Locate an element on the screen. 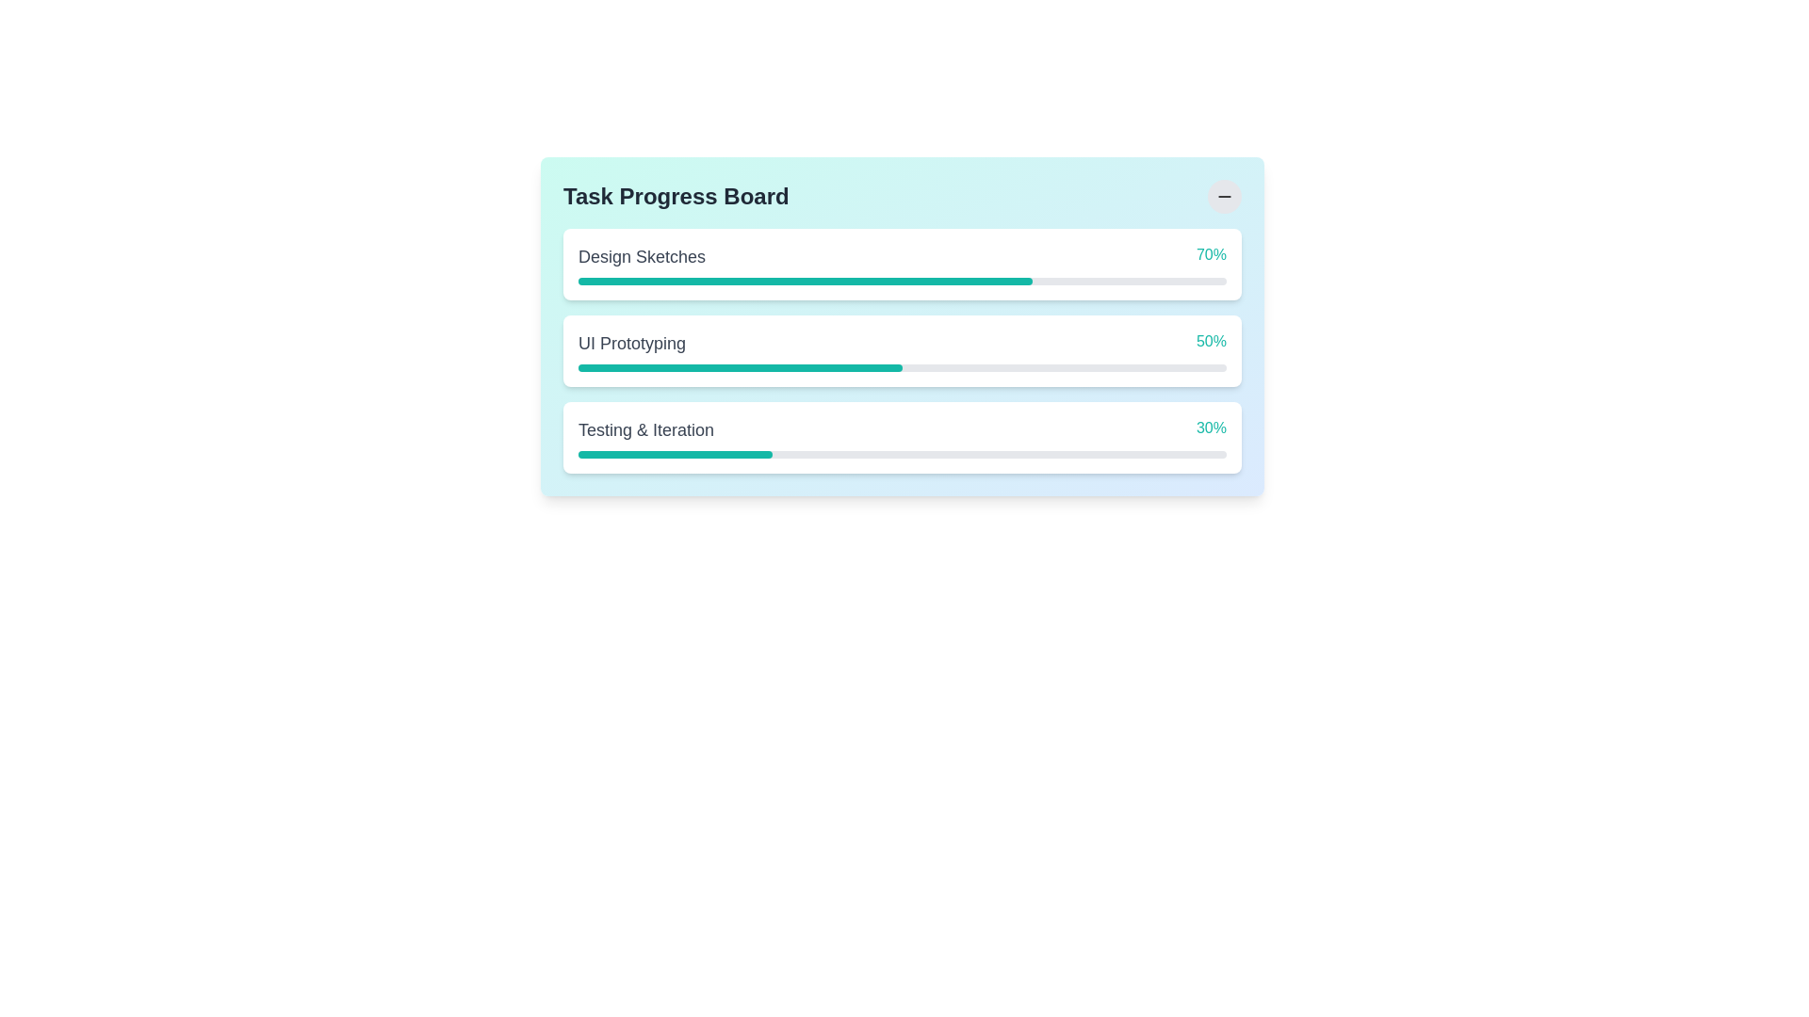  text content of the Text label located above the progress bar and to the left of the '30%' percentage label in the progress tracker is located at coordinates (646, 429).